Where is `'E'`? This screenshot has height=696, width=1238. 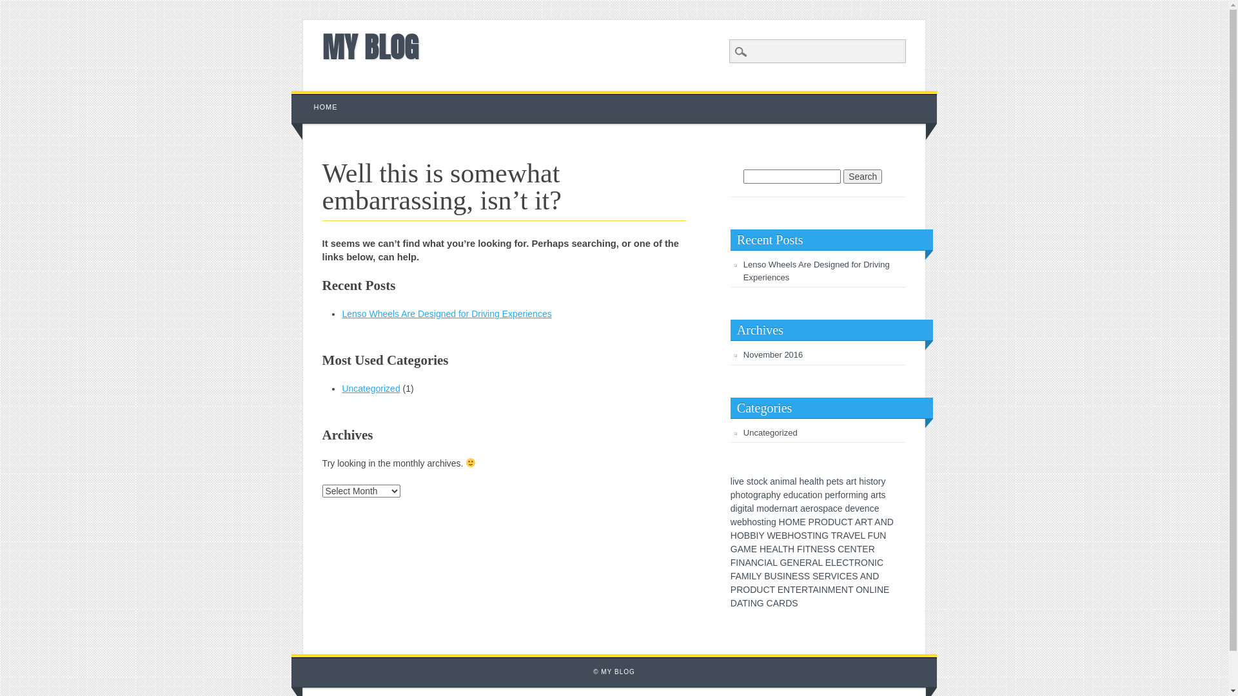
'E' is located at coordinates (836, 589).